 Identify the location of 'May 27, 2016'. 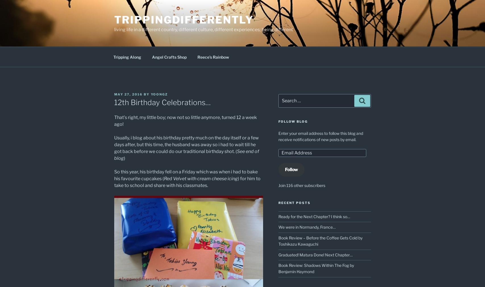
(128, 94).